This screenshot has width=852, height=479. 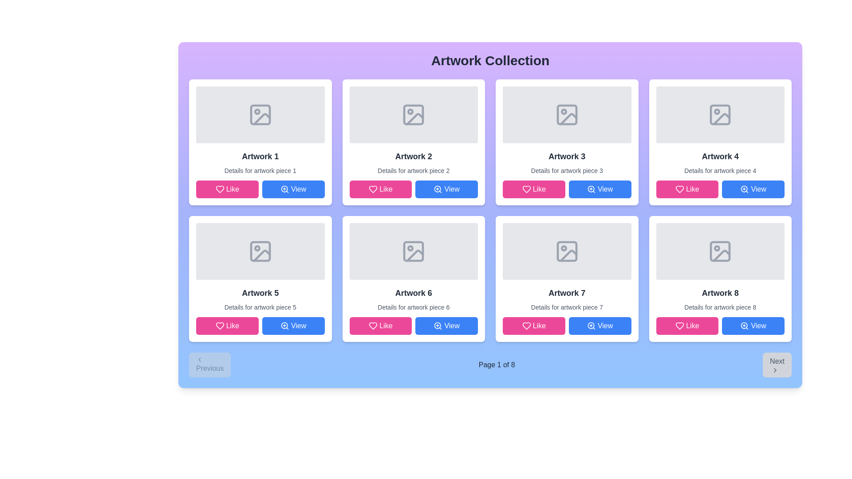 I want to click on the blue rectangular button labeled 'View' with a magnifying glass icon, located under the description of 'Artwork 4', to change its appearance, so click(x=753, y=189).